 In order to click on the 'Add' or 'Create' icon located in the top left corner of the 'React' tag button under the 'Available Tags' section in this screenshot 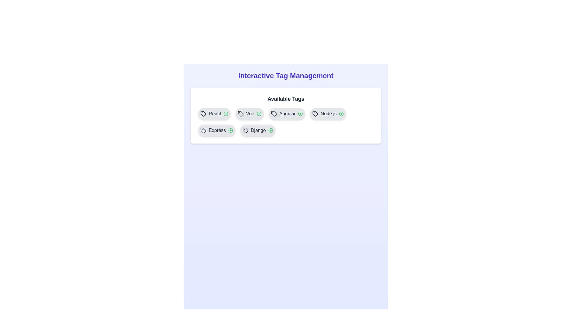, I will do `click(225, 114)`.